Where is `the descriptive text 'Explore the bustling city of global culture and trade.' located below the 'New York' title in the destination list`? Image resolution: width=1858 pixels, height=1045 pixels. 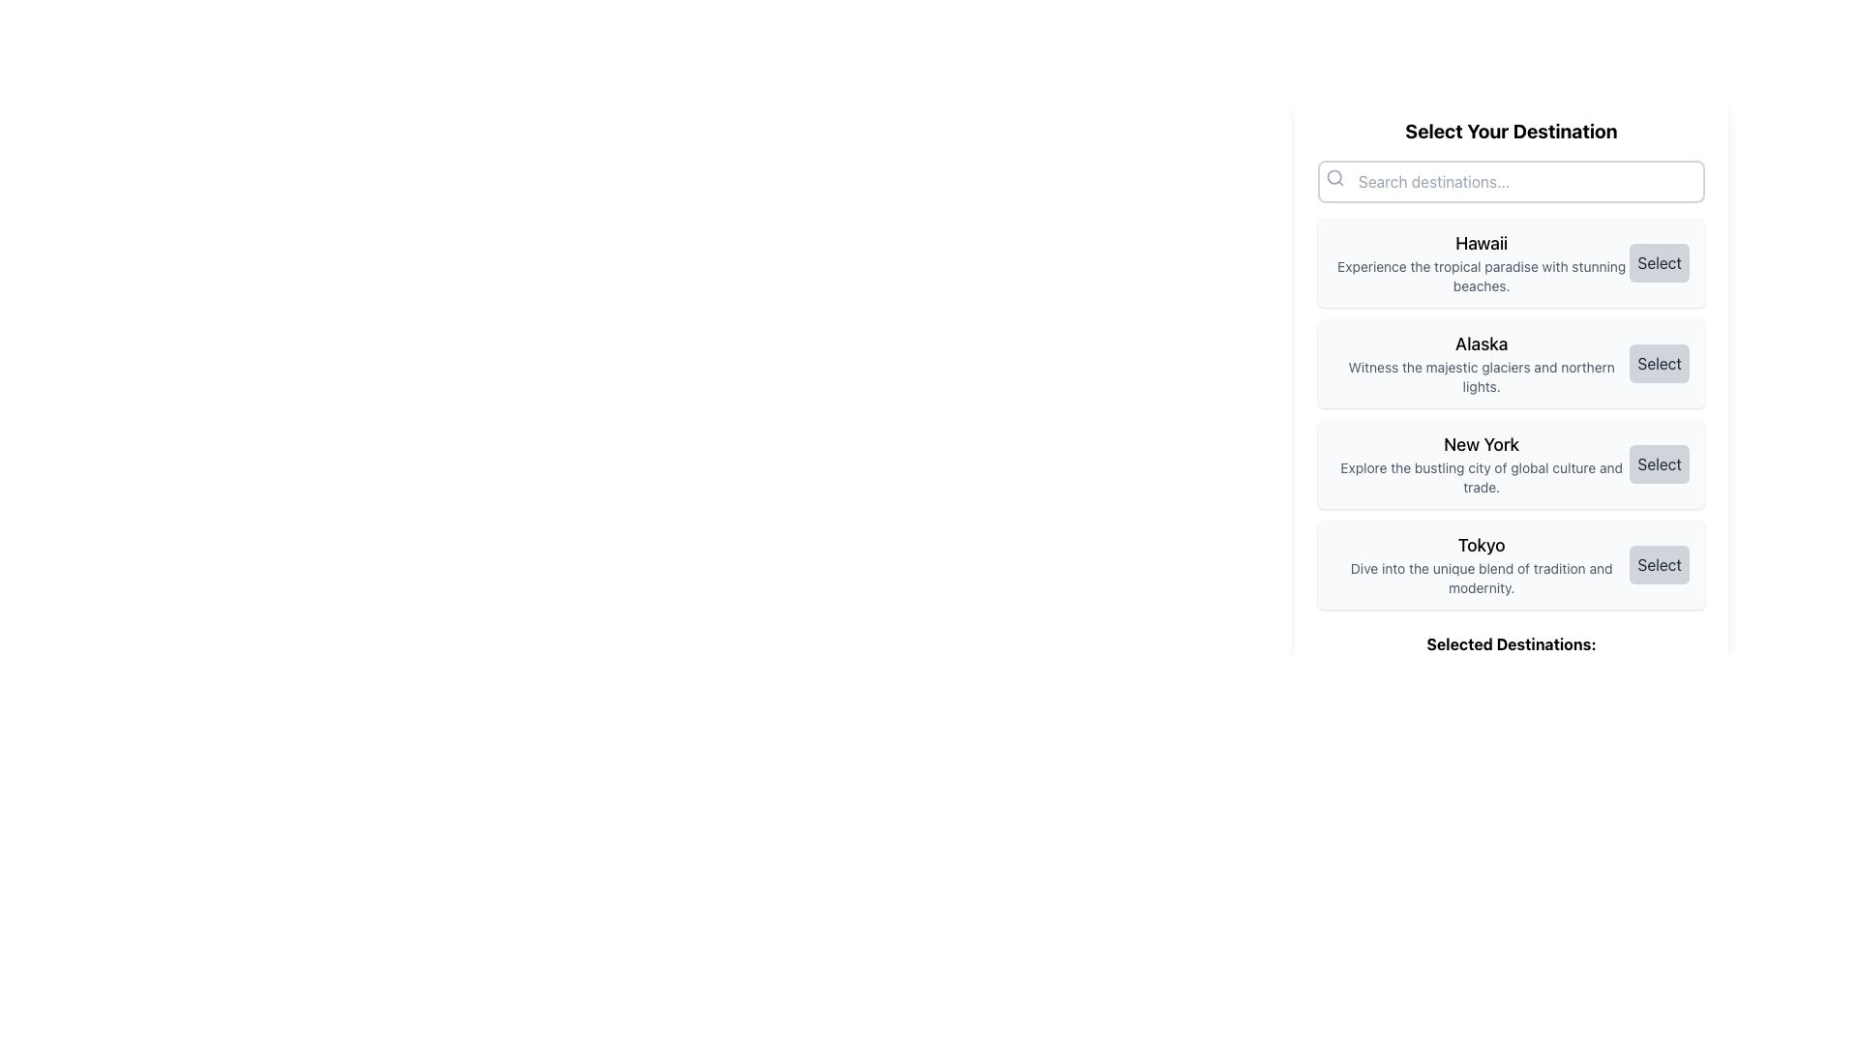
the descriptive text 'Explore the bustling city of global culture and trade.' located below the 'New York' title in the destination list is located at coordinates (1481, 477).